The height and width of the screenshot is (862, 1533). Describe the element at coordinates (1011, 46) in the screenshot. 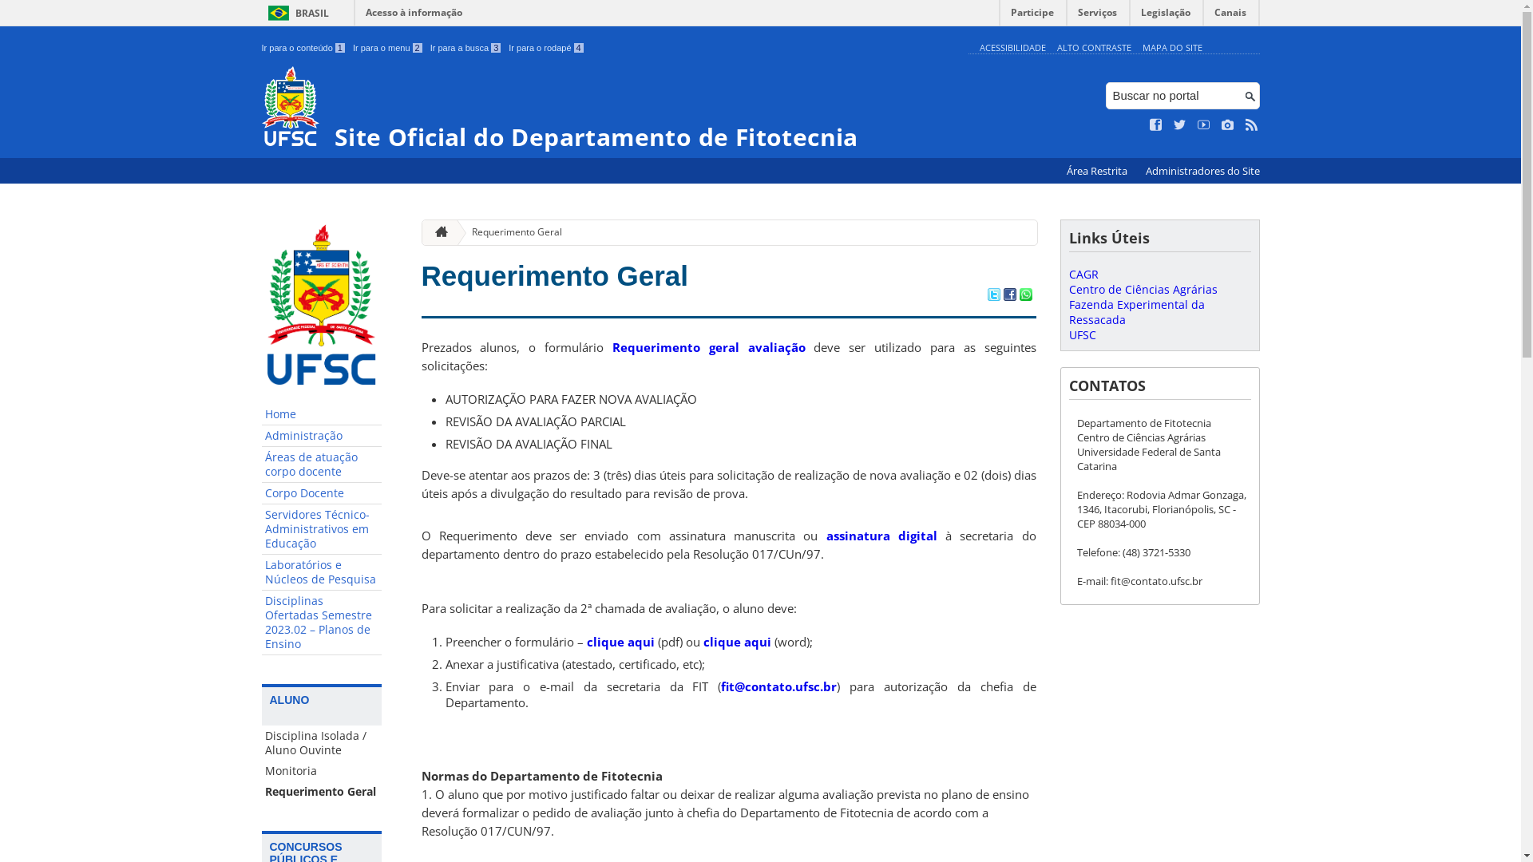

I see `'ACESSIBILIDADE'` at that location.